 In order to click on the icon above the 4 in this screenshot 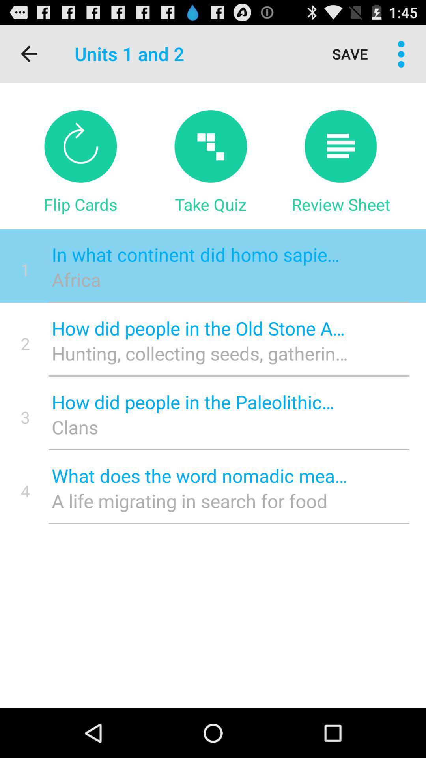, I will do `click(25, 417)`.